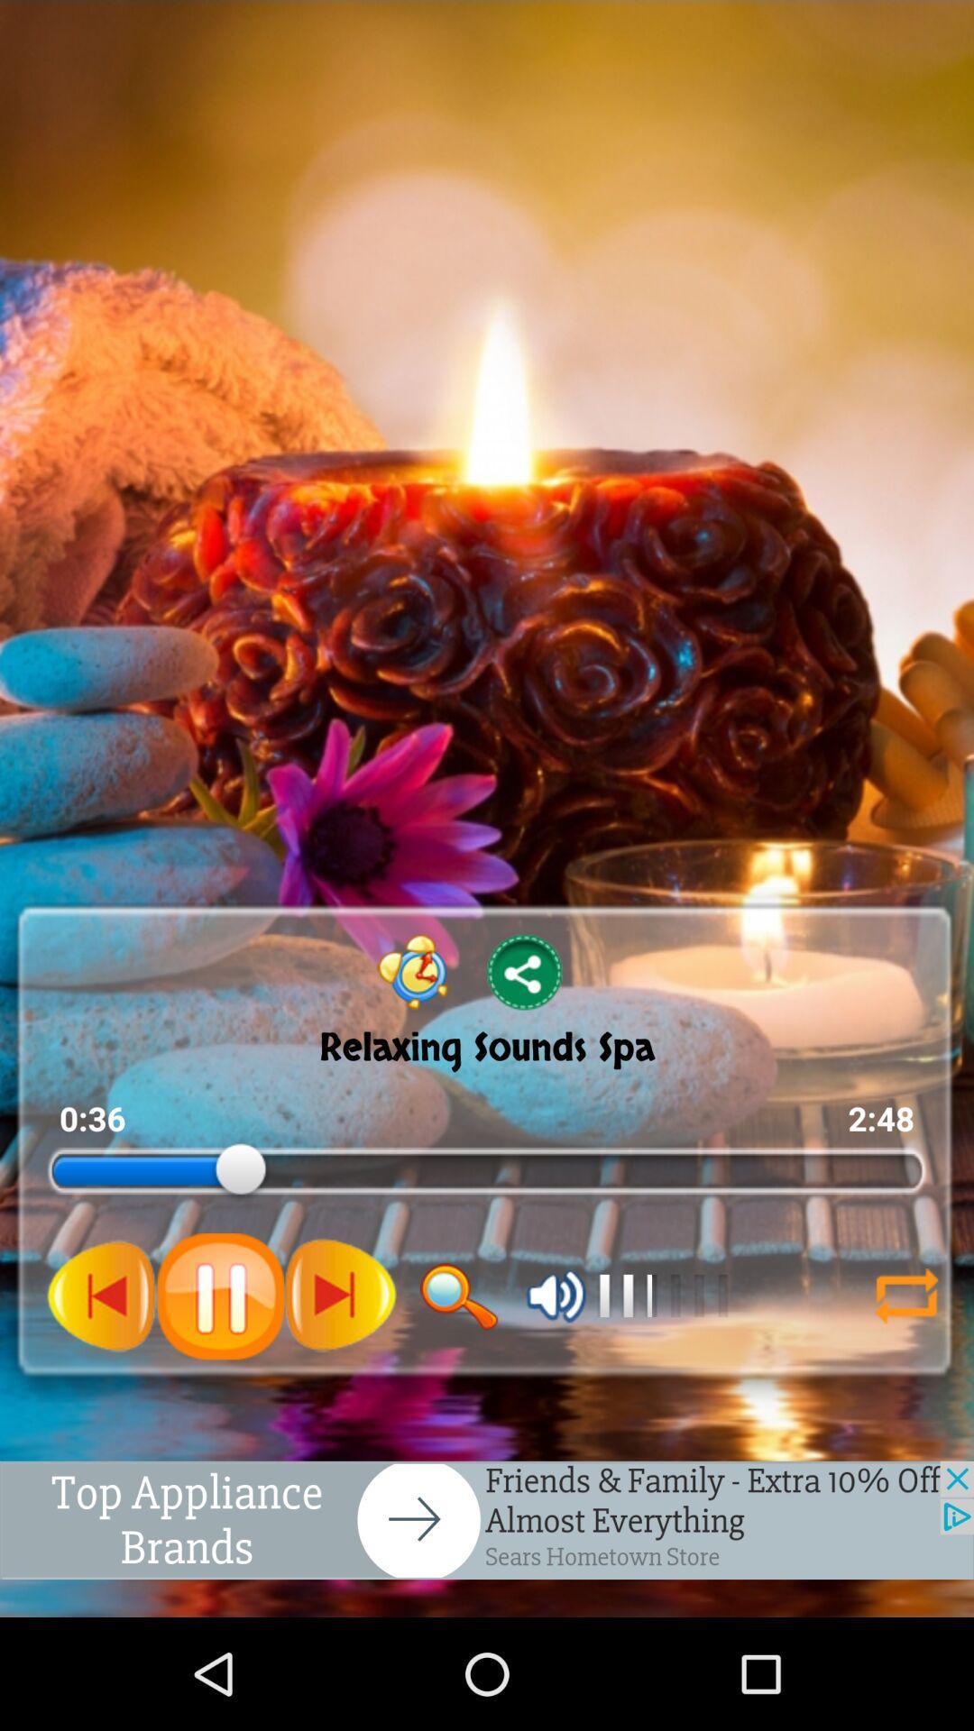 The image size is (974, 1731). Describe the element at coordinates (906, 1386) in the screenshot. I see `the repeat icon` at that location.